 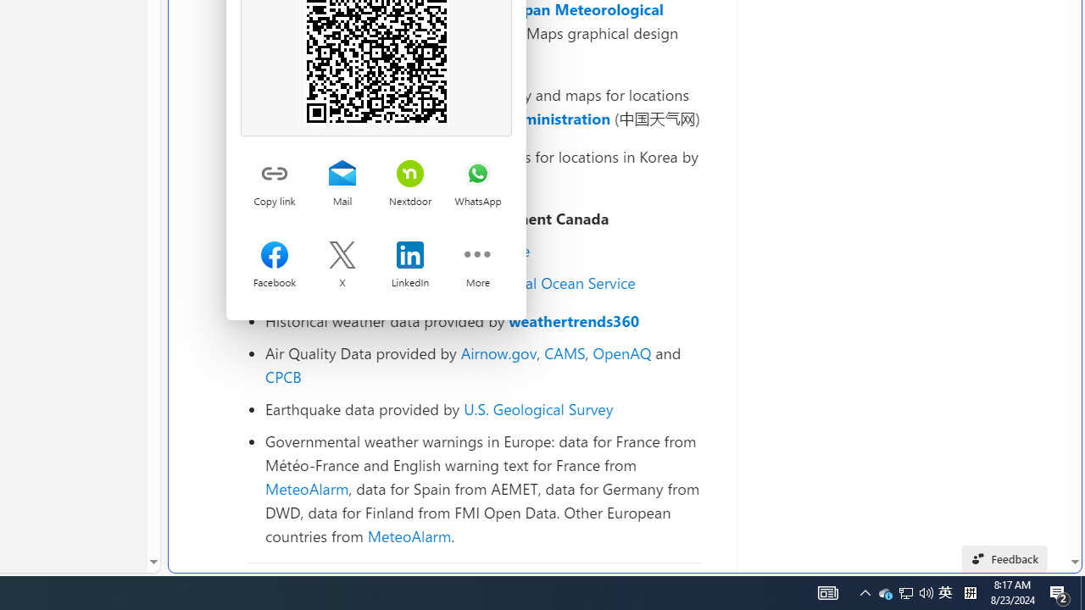 What do you see at coordinates (283, 375) in the screenshot?
I see `'CPCB'` at bounding box center [283, 375].